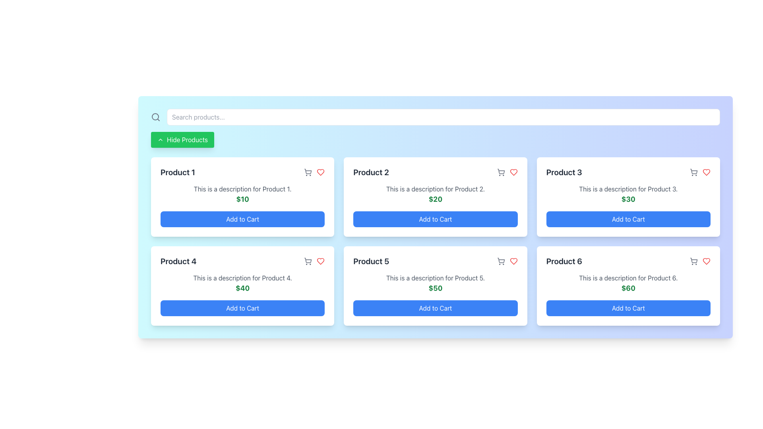 The height and width of the screenshot is (429, 763). Describe the element at coordinates (178, 261) in the screenshot. I see `text from the bold, large dark gray text label displaying 'Product 4', located in the second row and first column of the grid layout` at that location.